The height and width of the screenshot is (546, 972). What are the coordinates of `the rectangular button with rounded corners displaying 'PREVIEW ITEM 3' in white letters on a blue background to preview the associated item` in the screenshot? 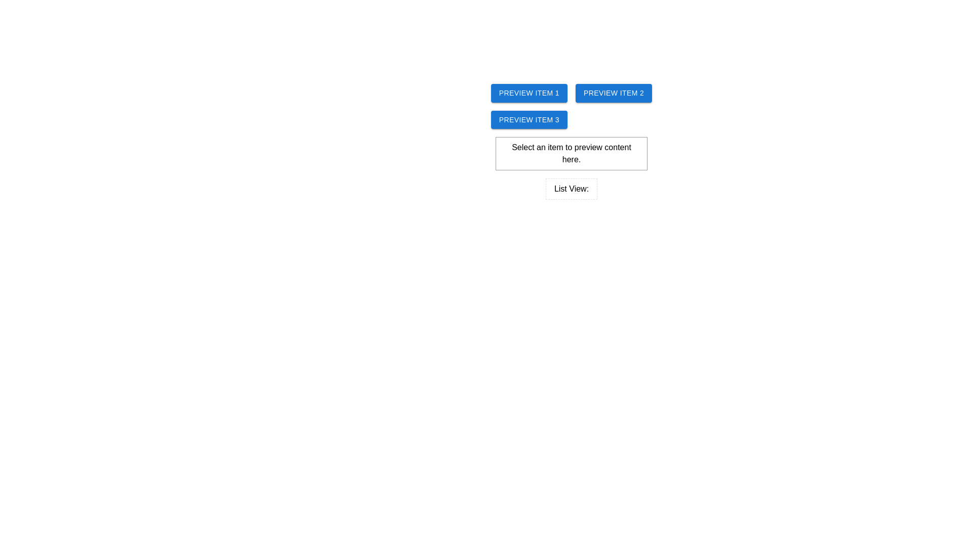 It's located at (529, 119).